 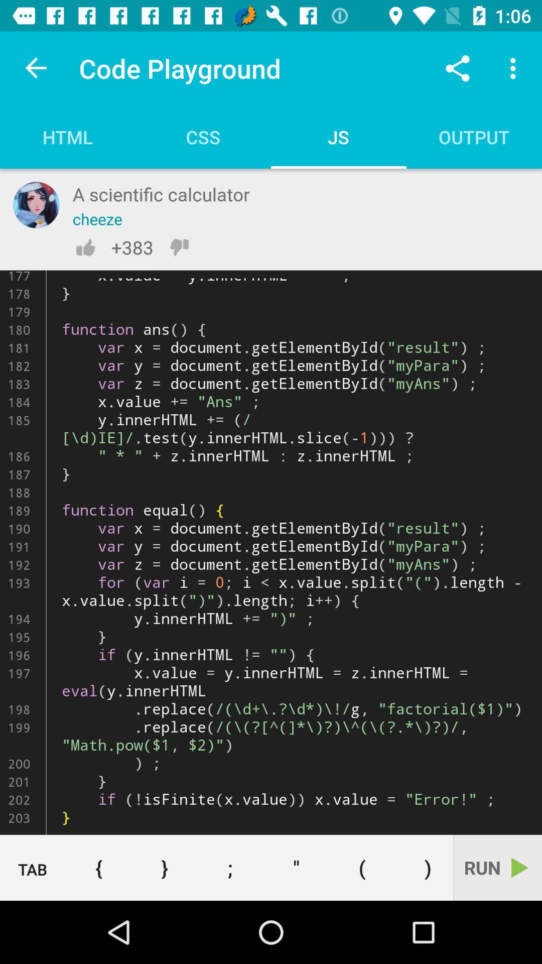 What do you see at coordinates (36, 204) in the screenshot?
I see `the user 's profile` at bounding box center [36, 204].